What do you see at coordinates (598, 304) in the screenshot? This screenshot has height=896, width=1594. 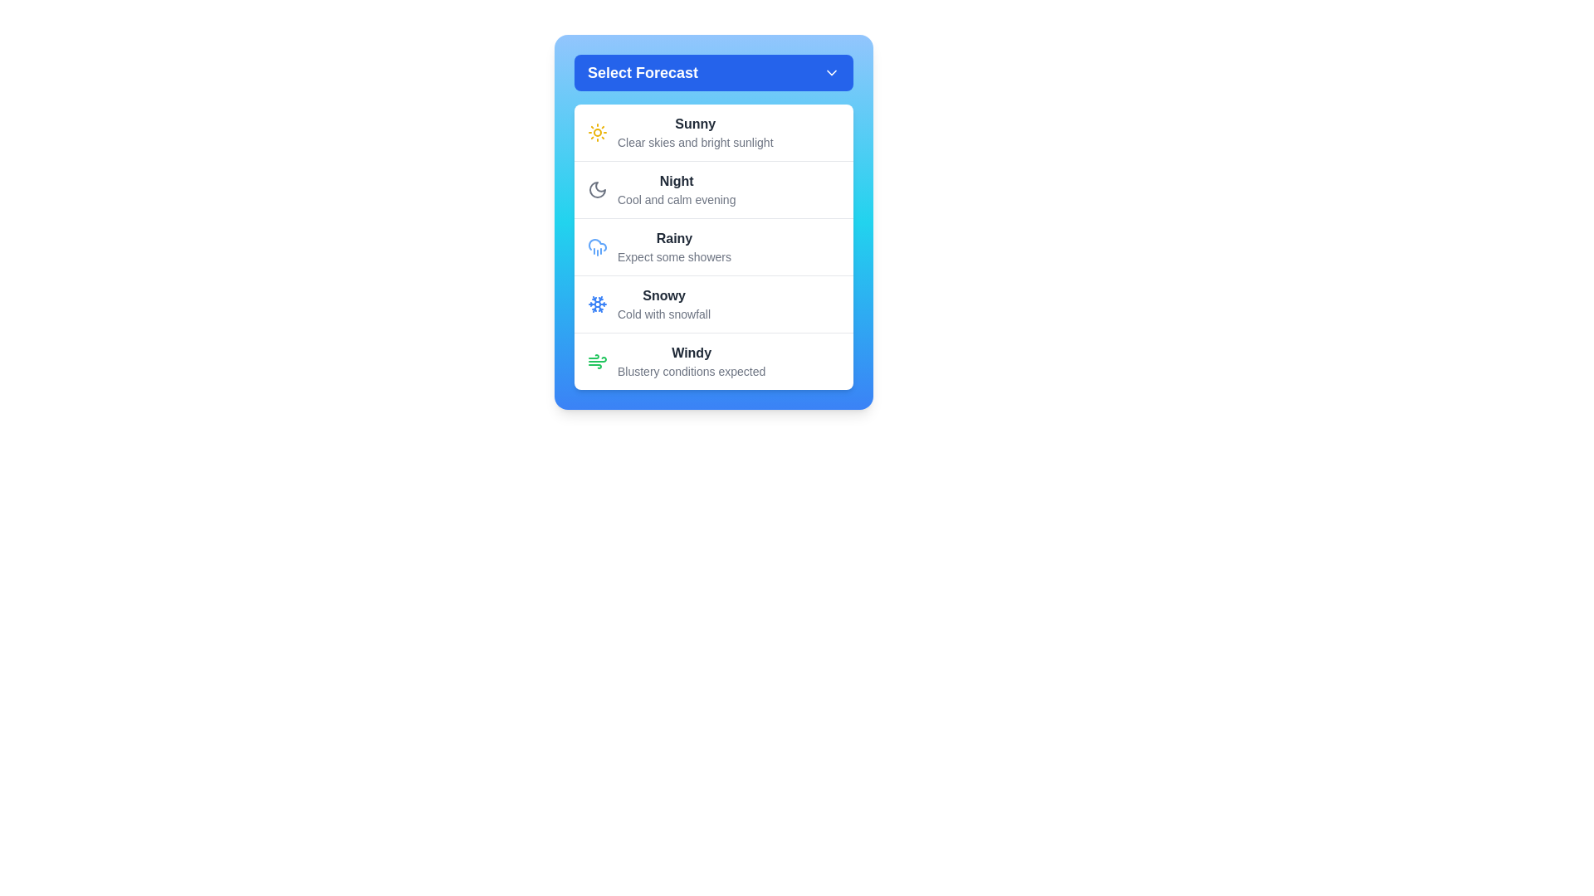 I see `the snowy weather icon at the beginning of the list entry labeled 'Snowy - Cold with snowfall'` at bounding box center [598, 304].